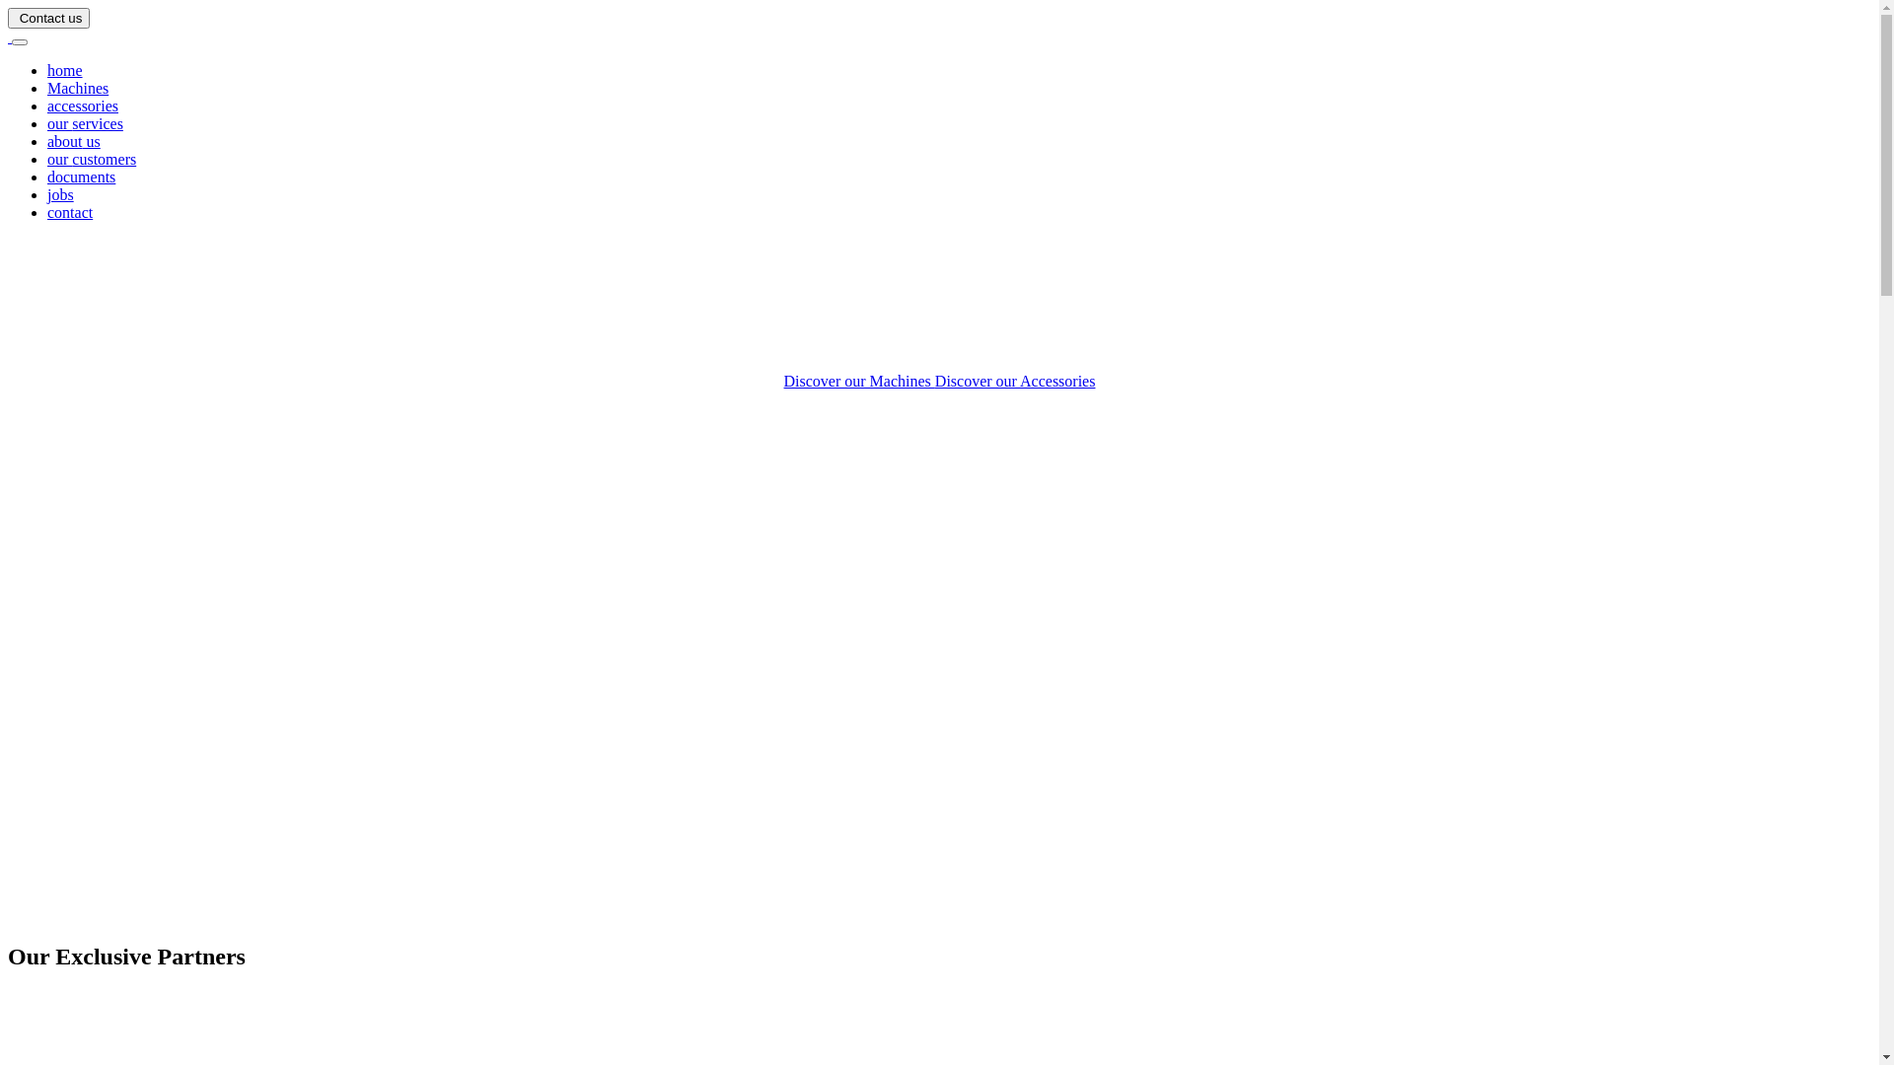 Image resolution: width=1894 pixels, height=1065 pixels. What do you see at coordinates (65, 69) in the screenshot?
I see `'home'` at bounding box center [65, 69].